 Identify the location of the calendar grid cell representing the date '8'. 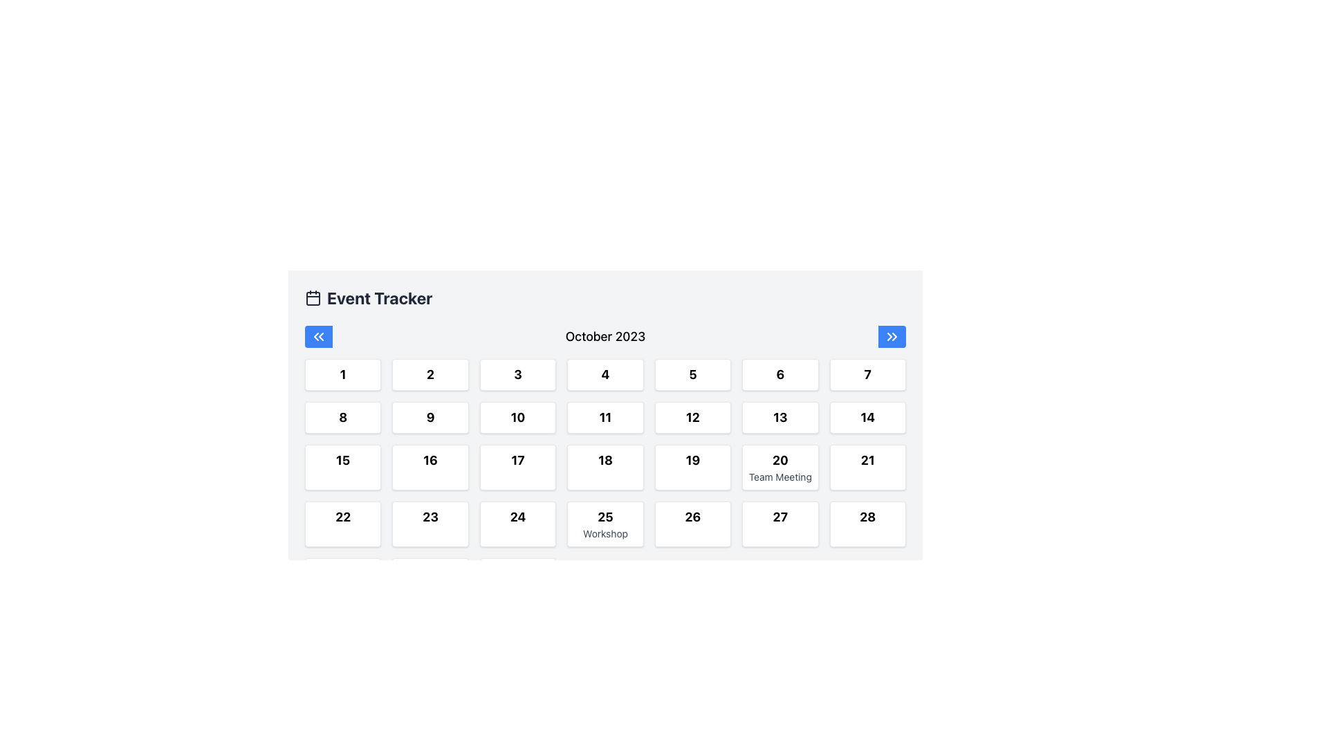
(343, 417).